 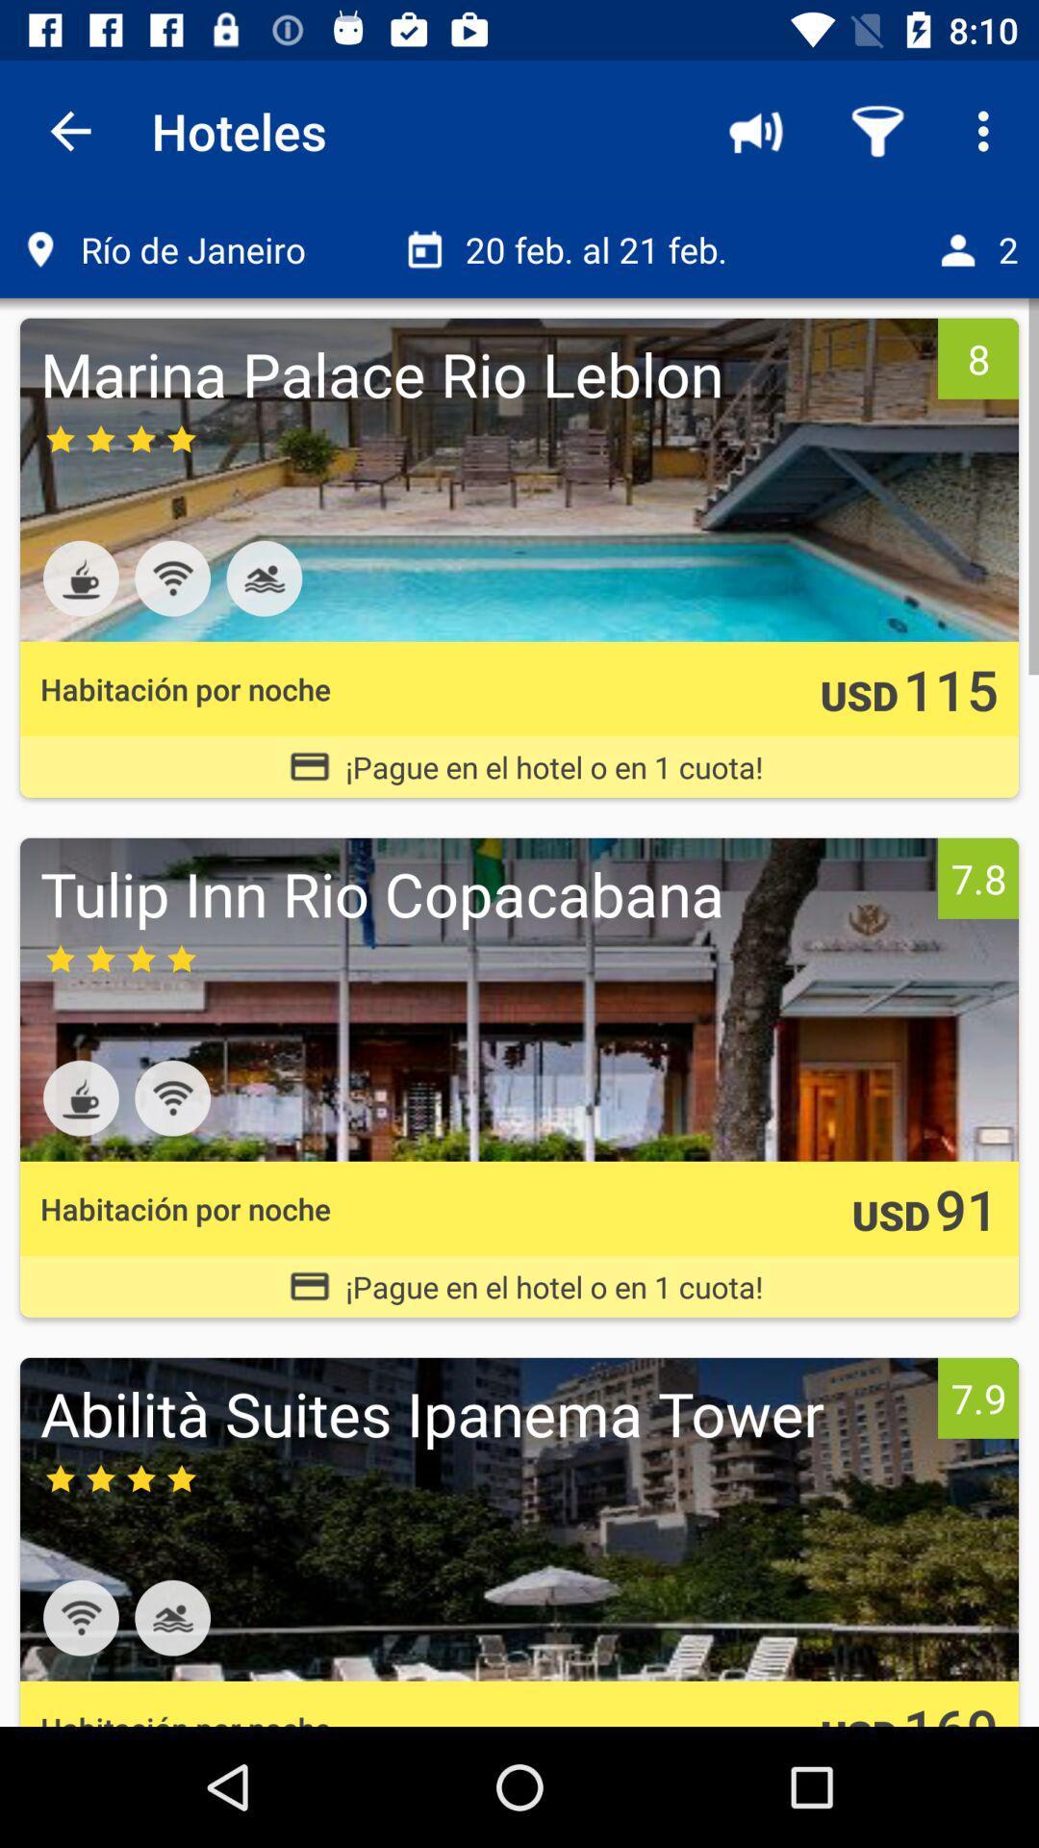 What do you see at coordinates (755, 130) in the screenshot?
I see `the item to the right of the hoteles item` at bounding box center [755, 130].